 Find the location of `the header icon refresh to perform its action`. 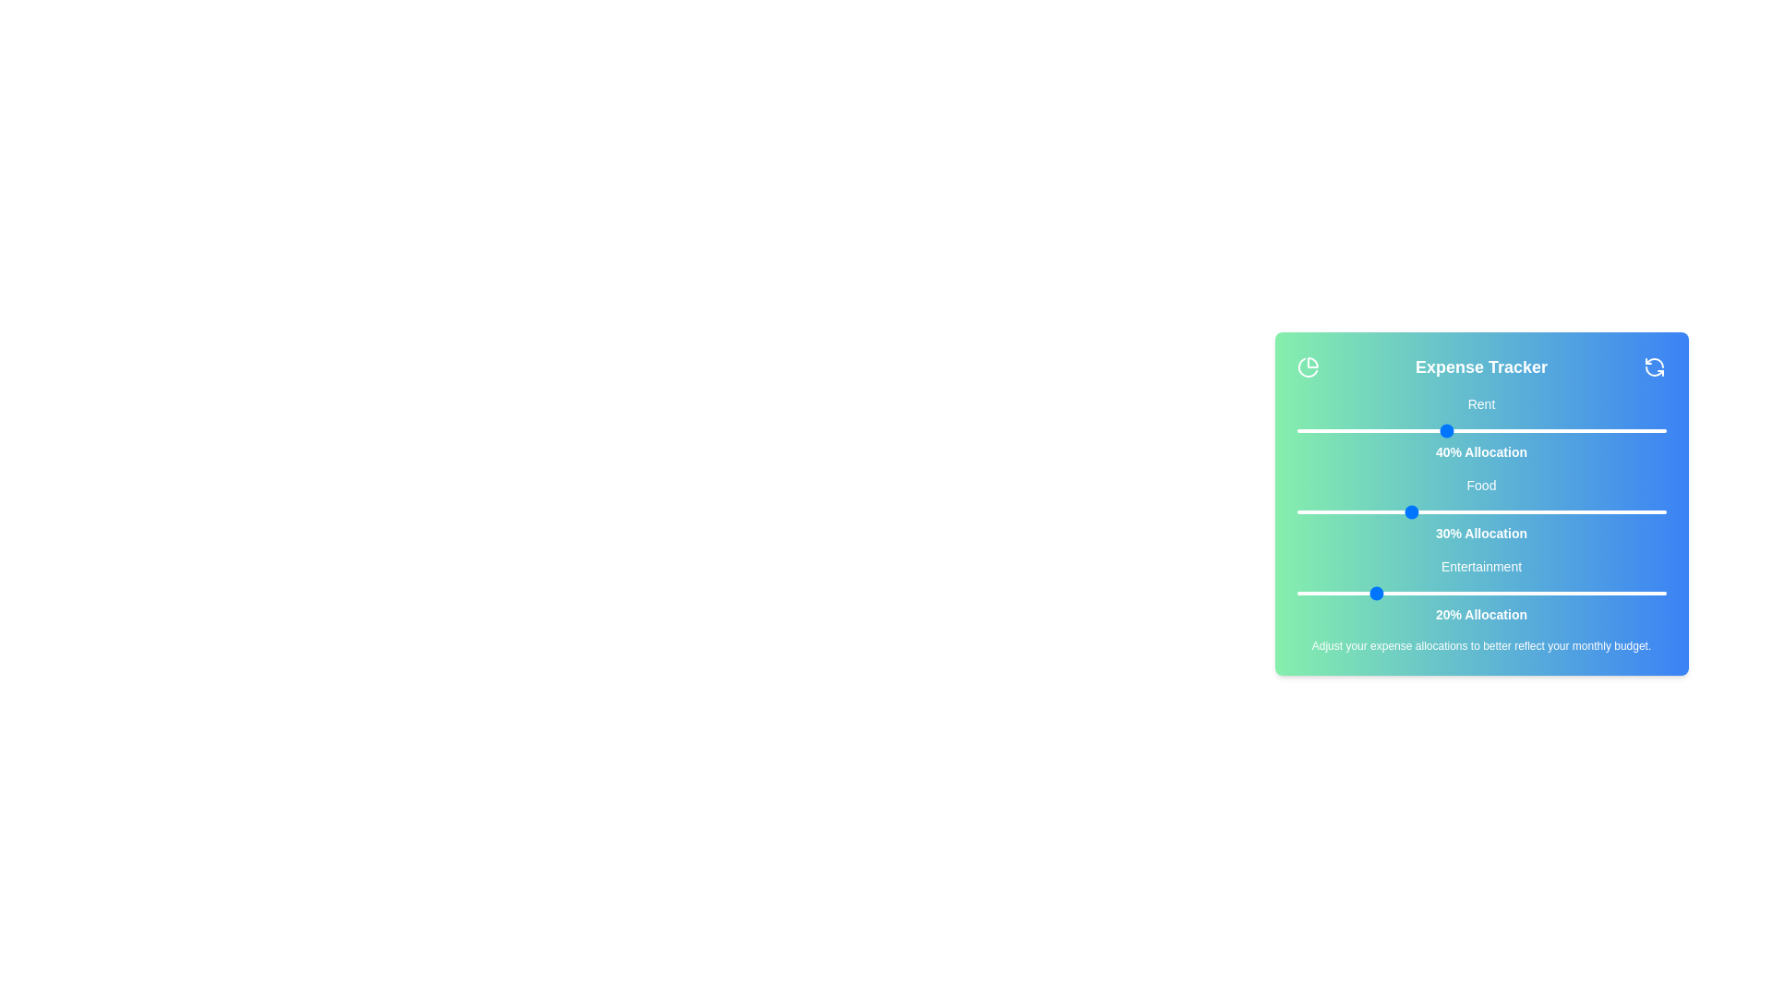

the header icon refresh to perform its action is located at coordinates (1655, 366).